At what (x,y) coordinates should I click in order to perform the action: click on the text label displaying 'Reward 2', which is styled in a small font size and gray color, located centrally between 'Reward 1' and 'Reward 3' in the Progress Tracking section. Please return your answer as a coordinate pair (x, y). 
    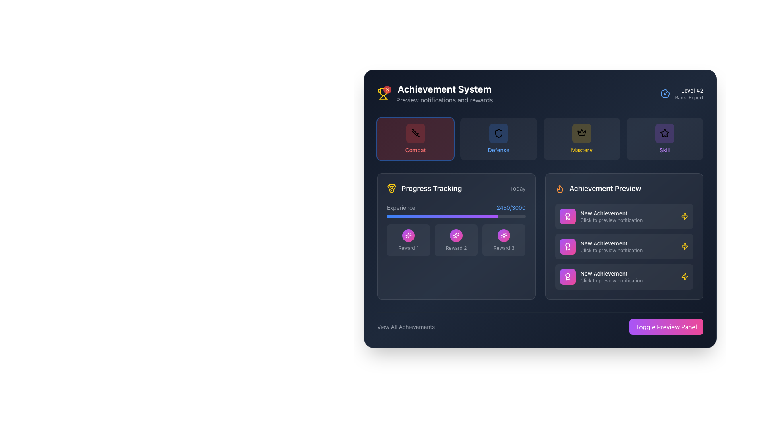
    Looking at the image, I should click on (456, 247).